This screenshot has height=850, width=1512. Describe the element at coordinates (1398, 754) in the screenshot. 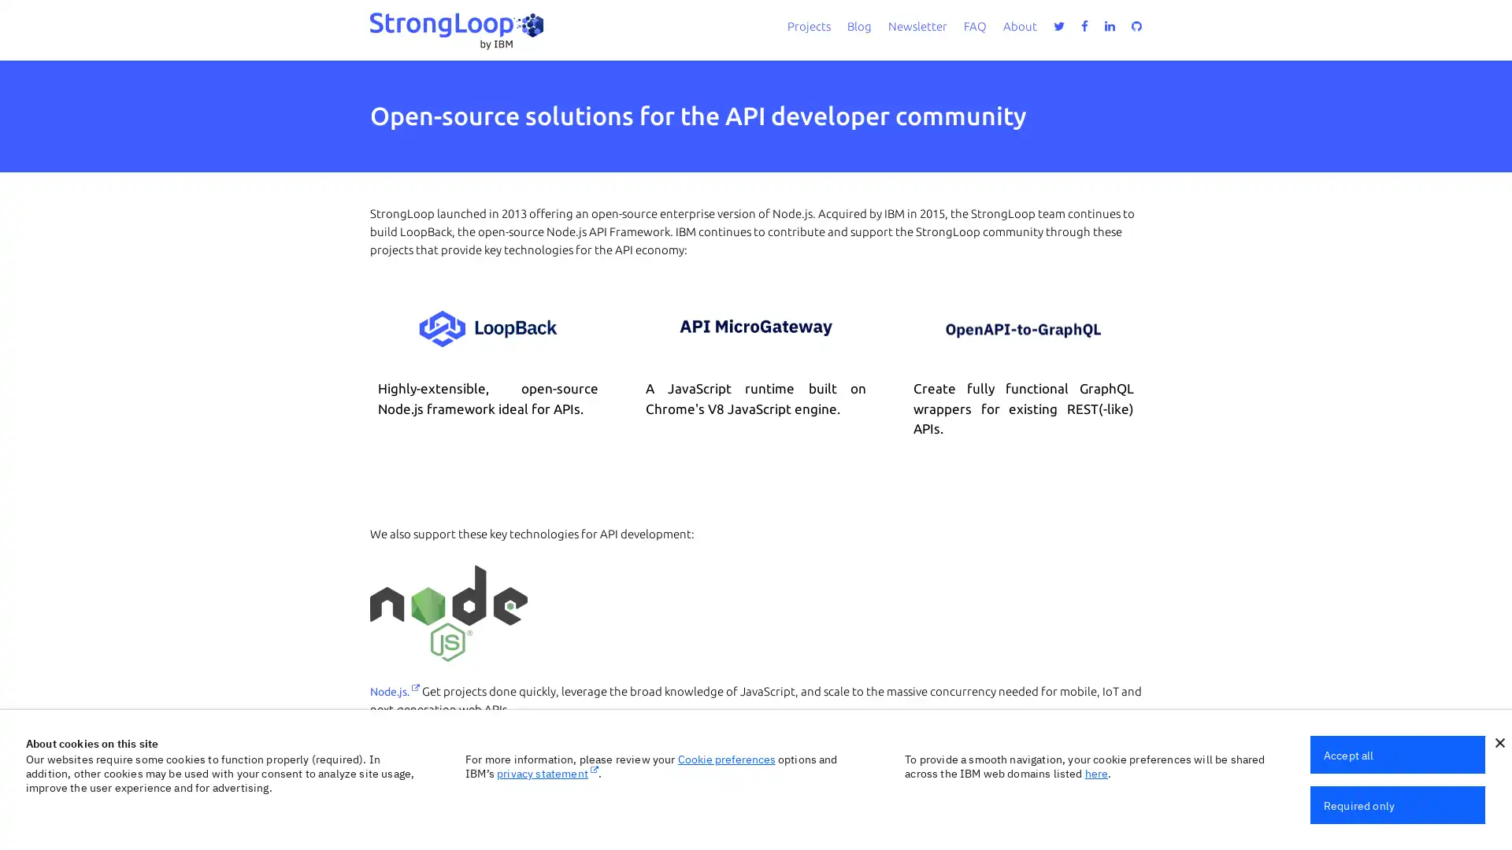

I see `Accept all` at that location.